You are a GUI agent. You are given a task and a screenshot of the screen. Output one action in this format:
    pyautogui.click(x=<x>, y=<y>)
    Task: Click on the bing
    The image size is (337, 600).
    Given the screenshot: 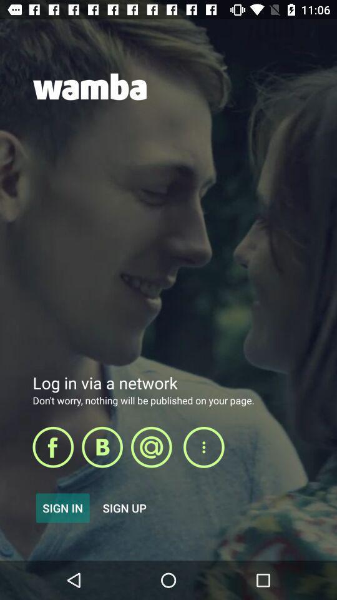 What is the action you would take?
    pyautogui.click(x=102, y=447)
    